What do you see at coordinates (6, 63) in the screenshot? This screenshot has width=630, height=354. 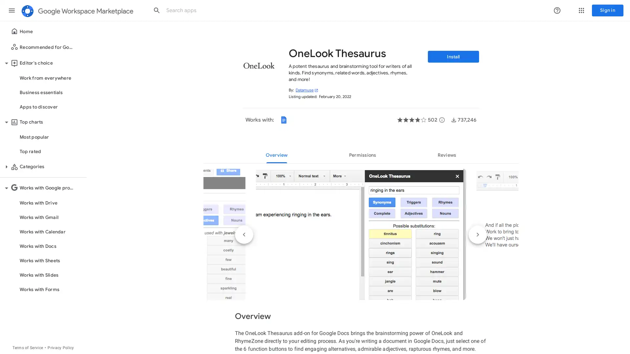 I see `Editor's choice` at bounding box center [6, 63].